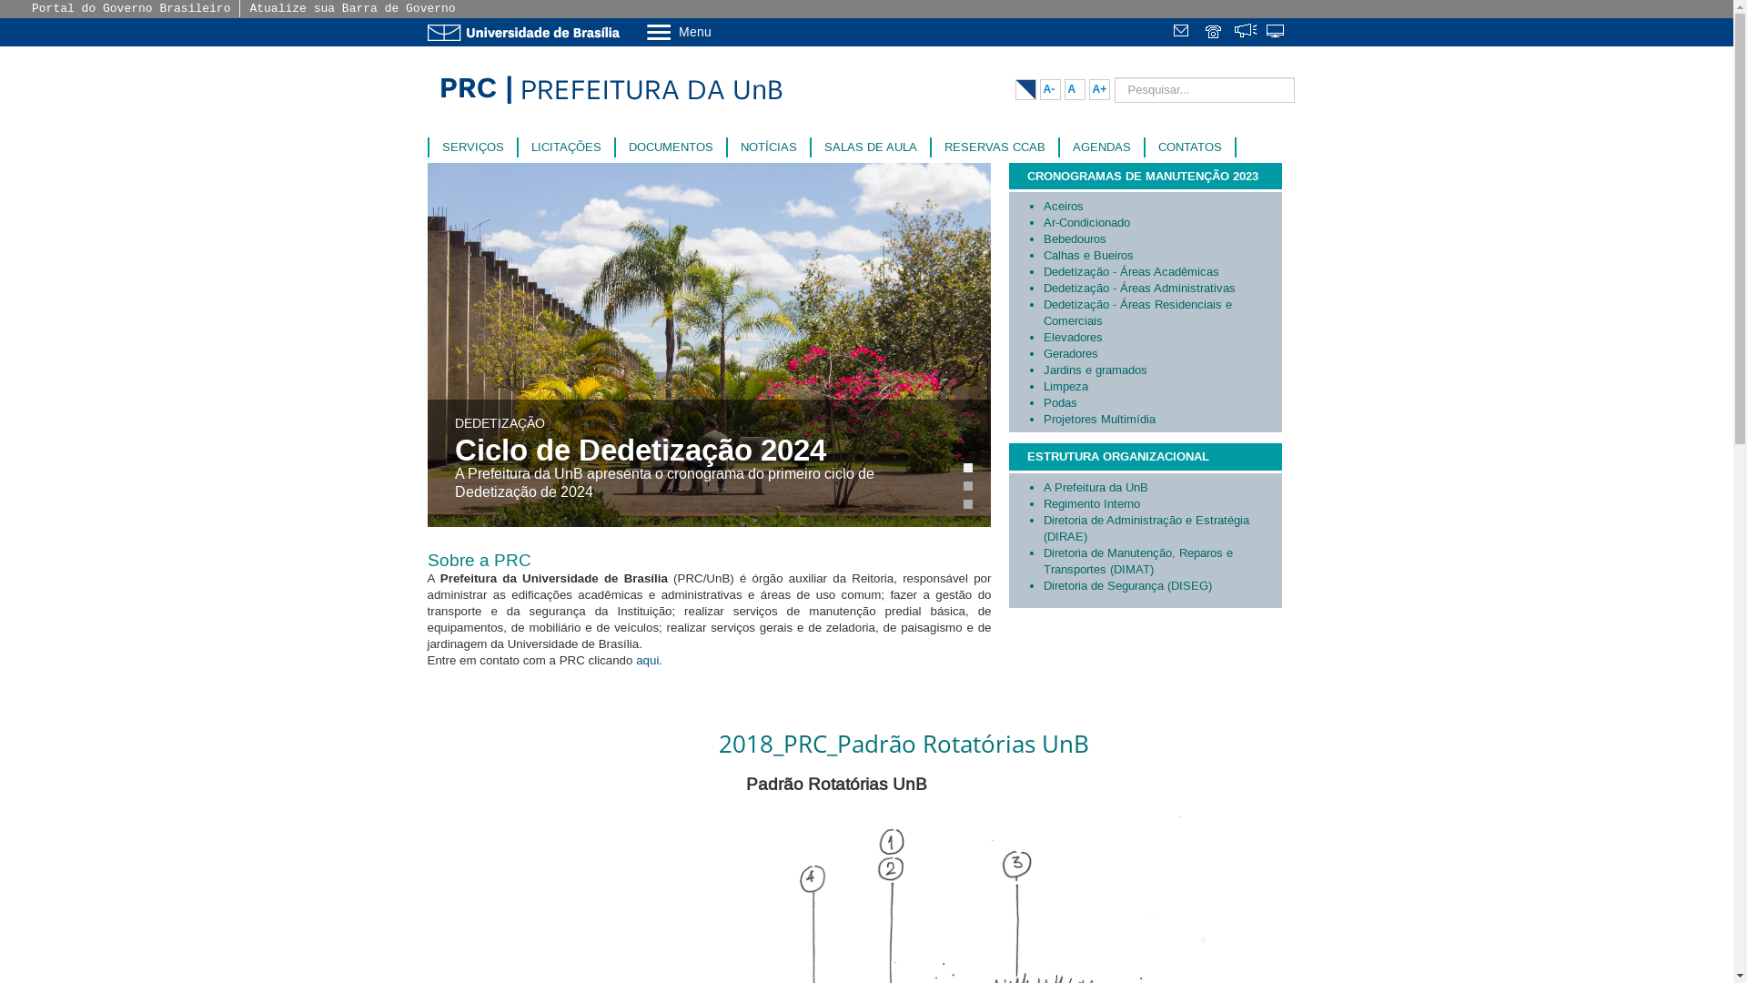 This screenshot has width=1747, height=983. What do you see at coordinates (527, 32) in the screenshot?
I see `'Ir para o Portal da UnB'` at bounding box center [527, 32].